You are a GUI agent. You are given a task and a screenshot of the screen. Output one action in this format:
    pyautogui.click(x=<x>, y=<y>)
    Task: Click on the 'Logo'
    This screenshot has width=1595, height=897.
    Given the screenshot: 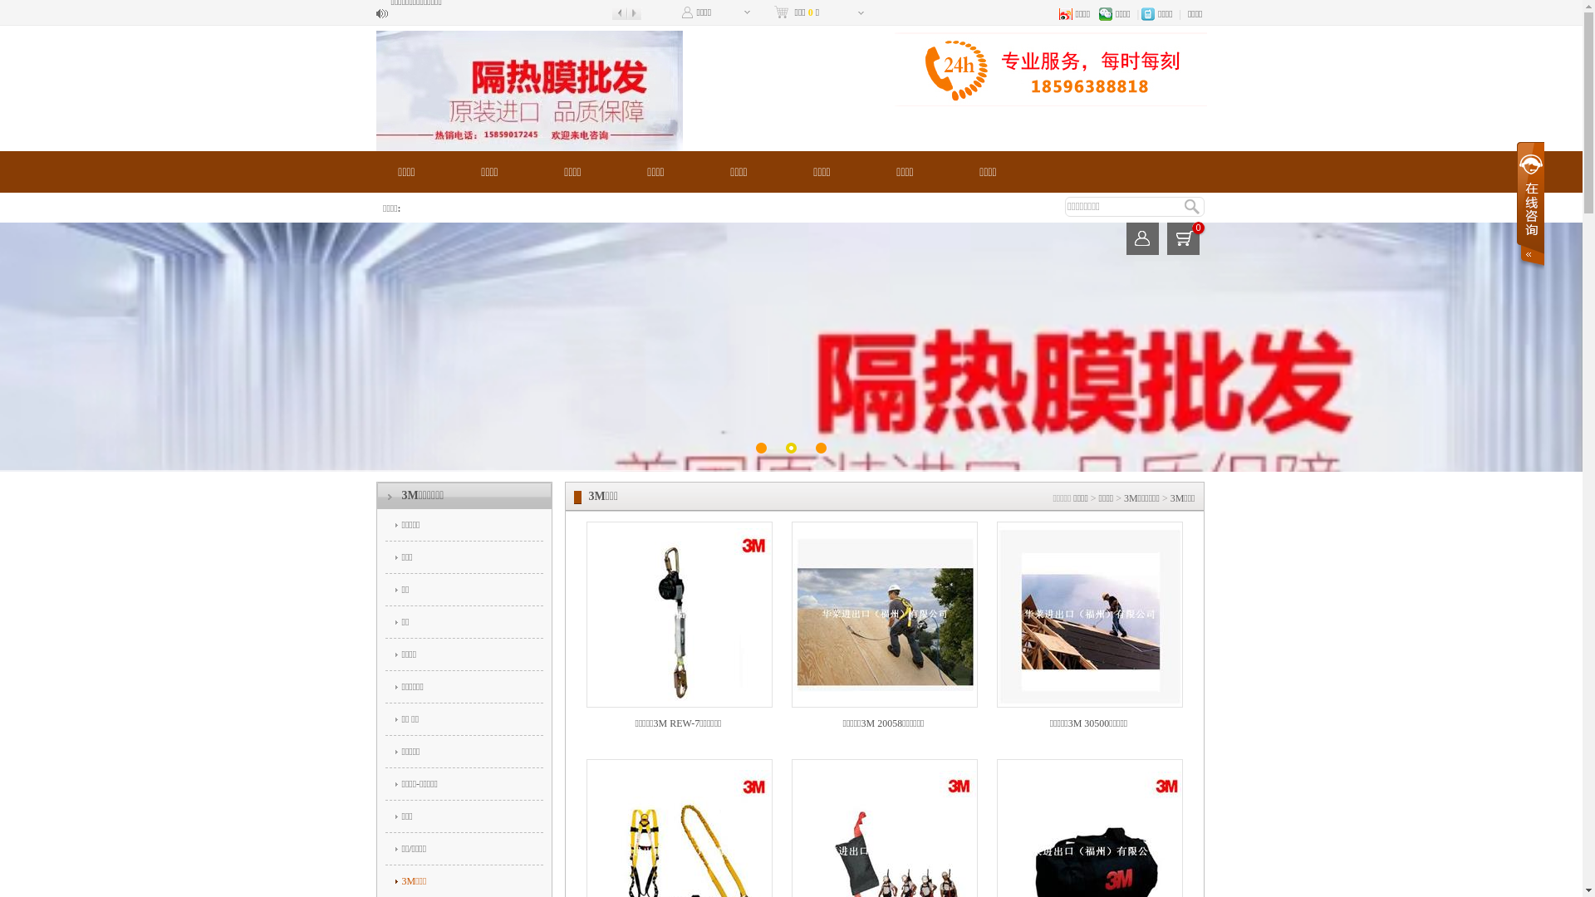 What is the action you would take?
    pyautogui.click(x=528, y=91)
    